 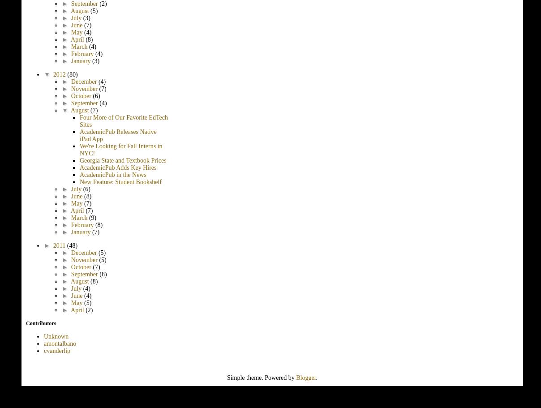 What do you see at coordinates (43, 343) in the screenshot?
I see `'amontalbano'` at bounding box center [43, 343].